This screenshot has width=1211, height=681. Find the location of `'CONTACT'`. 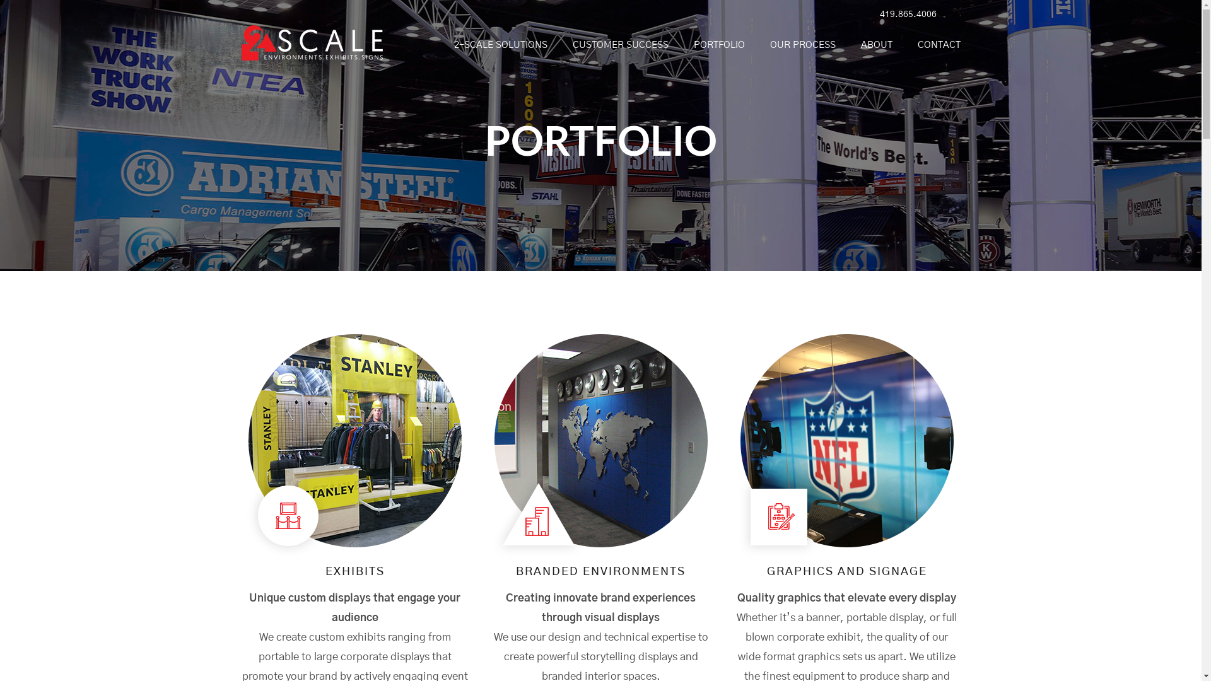

'CONTACT' is located at coordinates (932, 45).